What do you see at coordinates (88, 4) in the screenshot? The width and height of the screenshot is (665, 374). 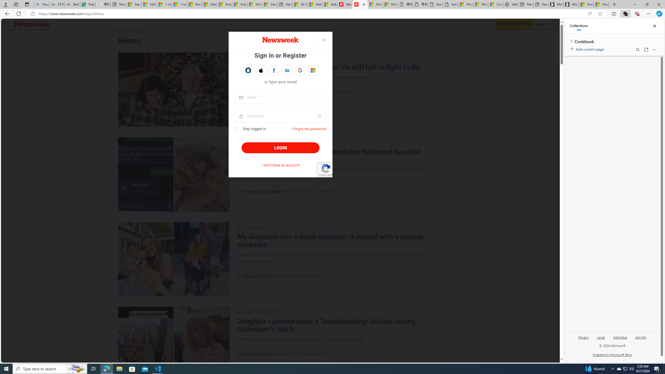 I see `'Free AI Writing Assistance for Students | Grammarly'` at bounding box center [88, 4].